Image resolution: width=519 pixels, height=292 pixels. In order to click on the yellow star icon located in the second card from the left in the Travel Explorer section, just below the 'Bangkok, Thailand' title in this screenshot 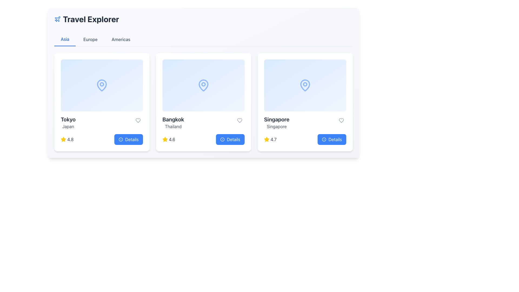, I will do `click(165, 139)`.